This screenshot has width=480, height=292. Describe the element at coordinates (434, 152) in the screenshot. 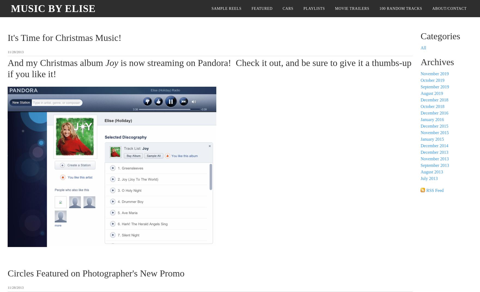

I see `'December 2013'` at that location.